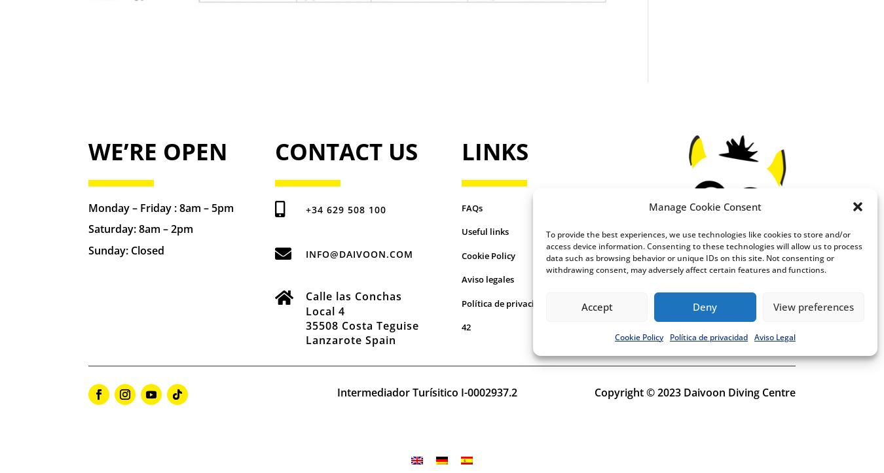 This screenshot has width=884, height=473. Describe the element at coordinates (88, 150) in the screenshot. I see `'We’re Open'` at that location.